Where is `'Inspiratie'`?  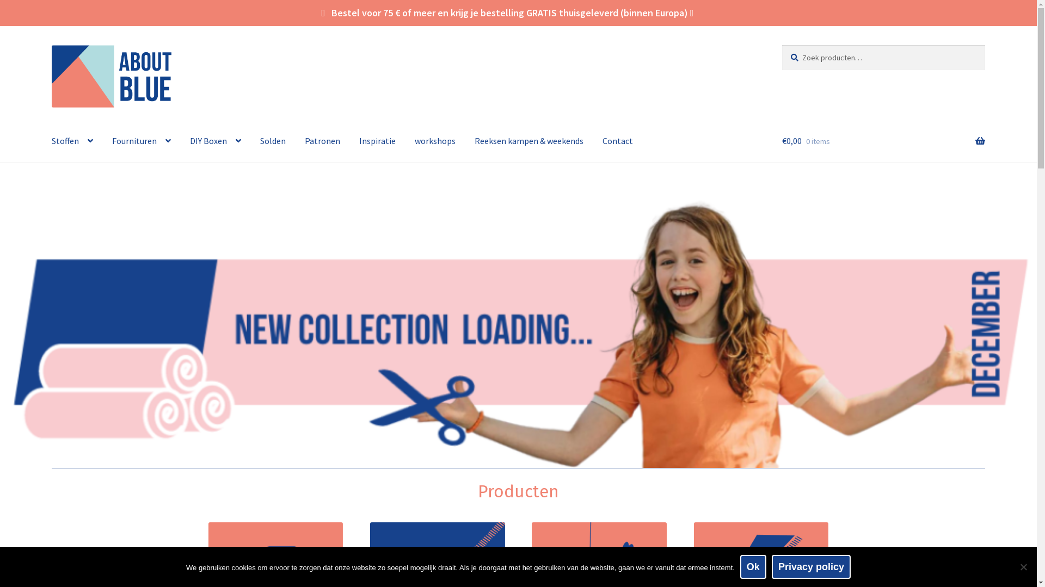
'Inspiratie' is located at coordinates (377, 140).